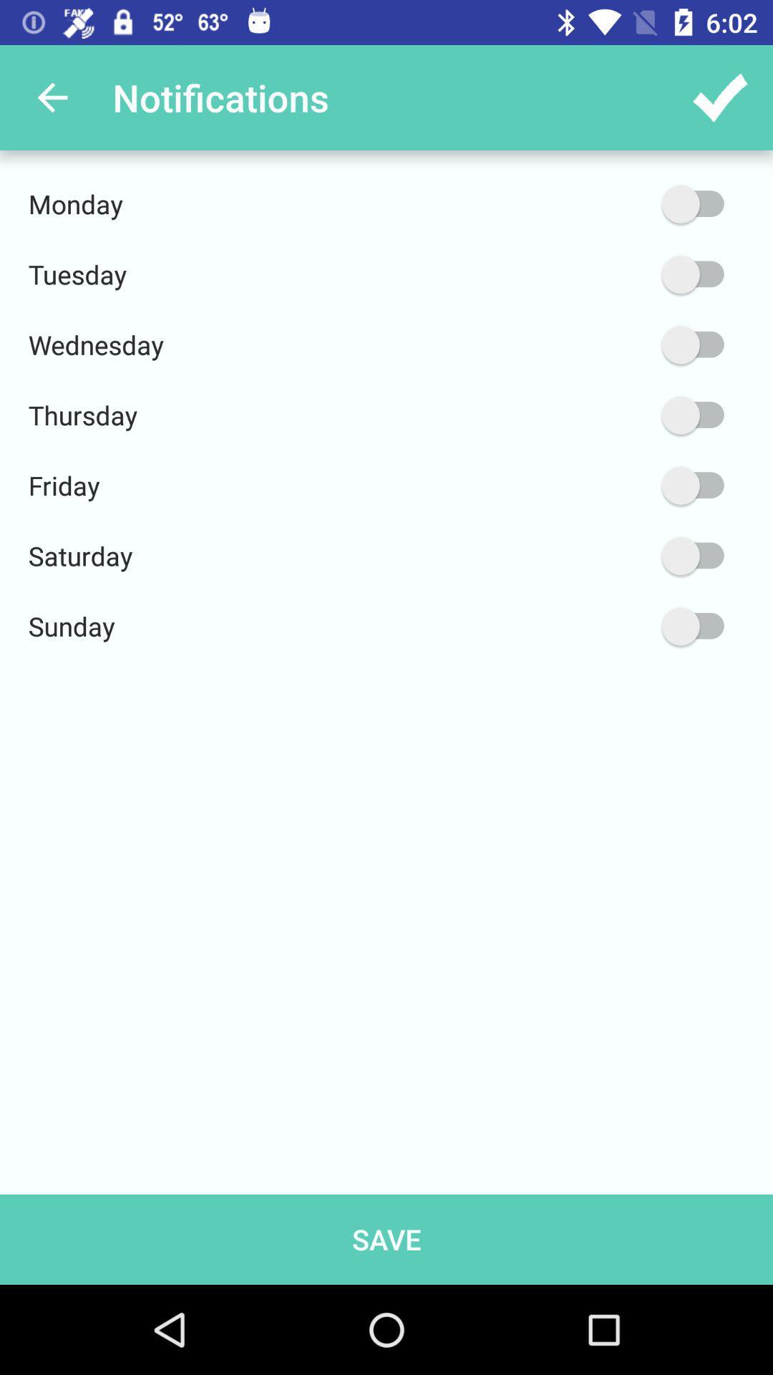 The width and height of the screenshot is (773, 1375). I want to click on activate wednesday, so click(624, 344).